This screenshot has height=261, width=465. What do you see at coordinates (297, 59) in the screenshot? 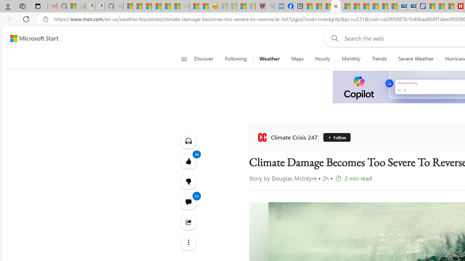
I see `'Maps'` at bounding box center [297, 59].